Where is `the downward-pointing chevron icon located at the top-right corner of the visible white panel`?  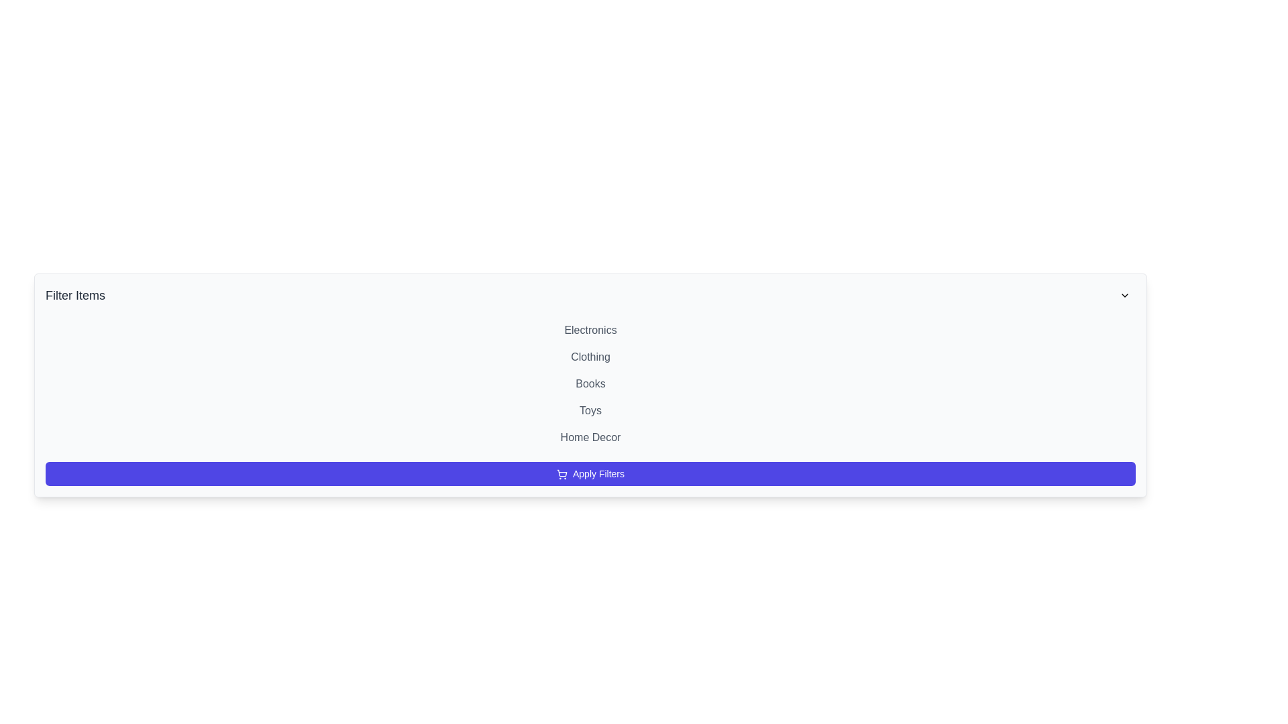 the downward-pointing chevron icon located at the top-right corner of the visible white panel is located at coordinates (1124, 294).